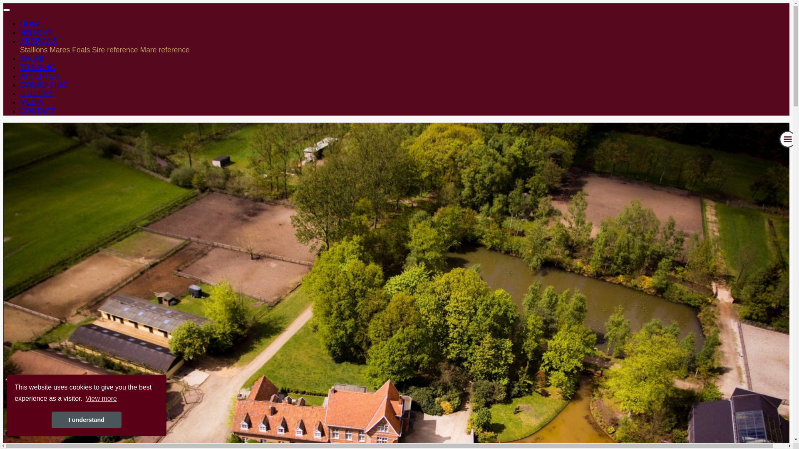 This screenshot has width=799, height=449. I want to click on 'SALES', so click(32, 58).